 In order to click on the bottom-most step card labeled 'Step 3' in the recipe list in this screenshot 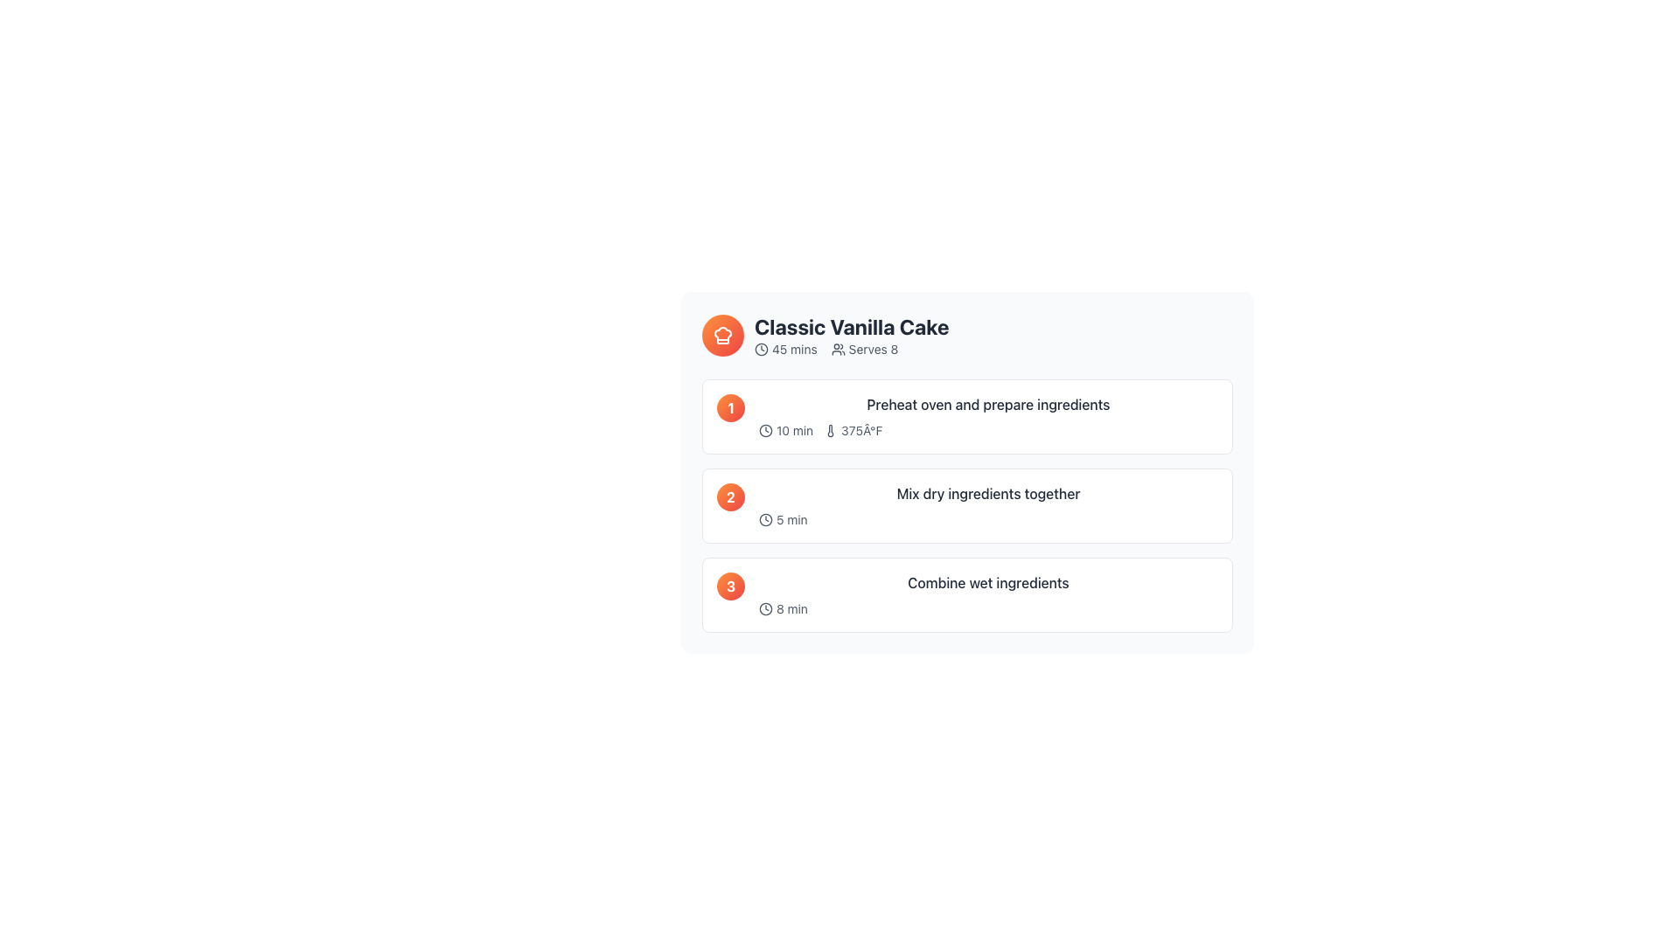, I will do `click(966, 594)`.